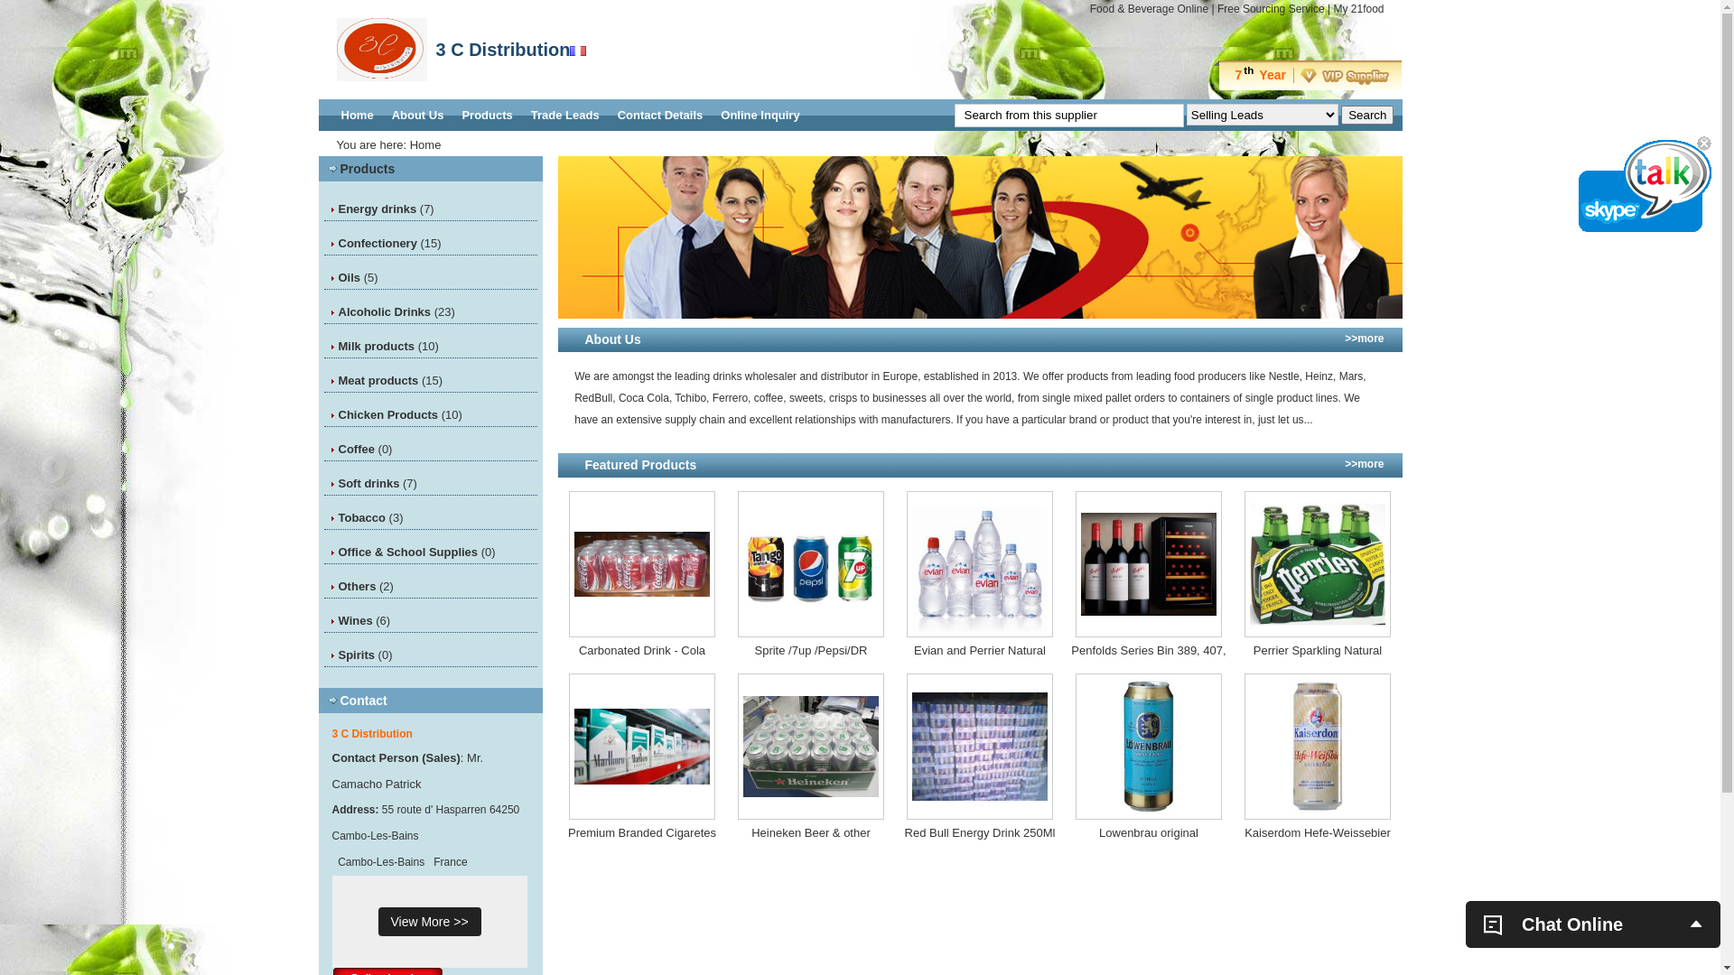  What do you see at coordinates (364, 586) in the screenshot?
I see `'Others (2)'` at bounding box center [364, 586].